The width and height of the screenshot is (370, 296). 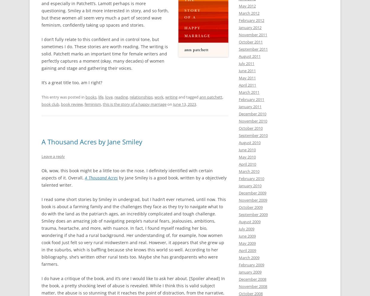 I want to click on 'April 2010', so click(x=239, y=164).